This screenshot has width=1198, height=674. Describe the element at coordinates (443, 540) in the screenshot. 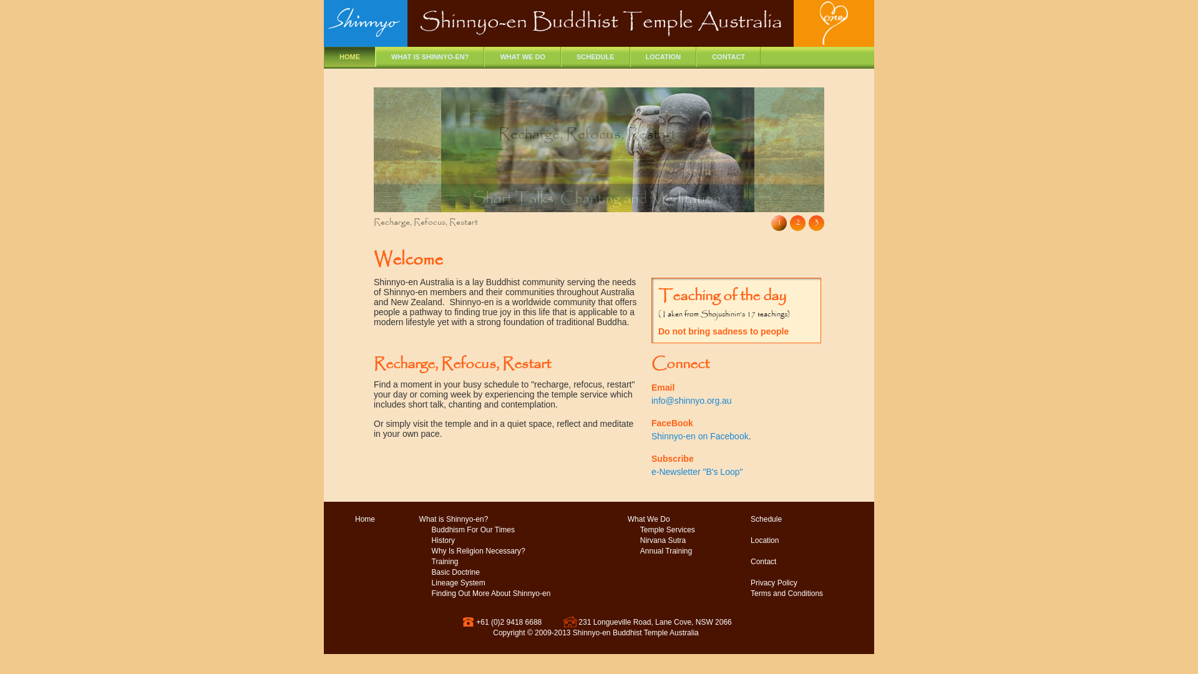

I see `'History'` at that location.